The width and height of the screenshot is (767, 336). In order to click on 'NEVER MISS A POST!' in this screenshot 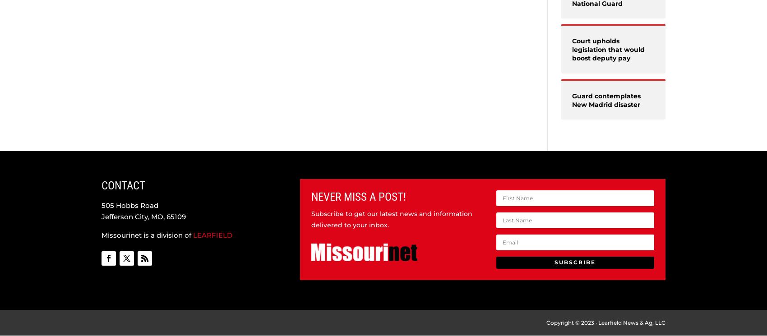, I will do `click(358, 196)`.